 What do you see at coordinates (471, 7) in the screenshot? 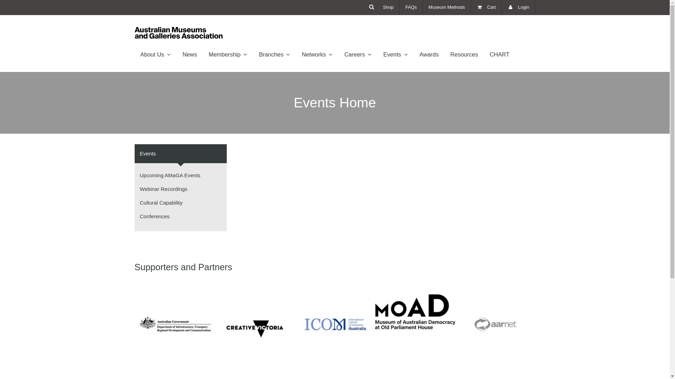
I see `'Cart'` at bounding box center [471, 7].